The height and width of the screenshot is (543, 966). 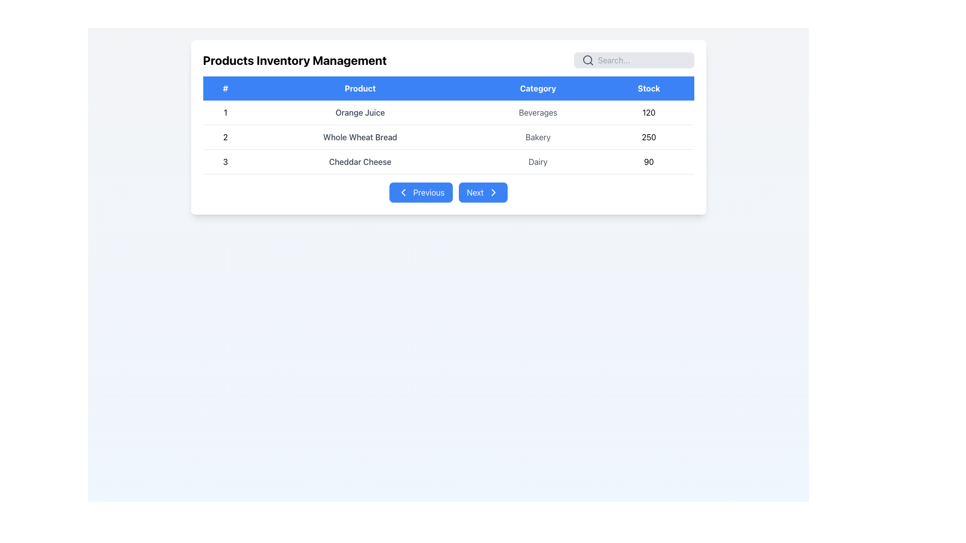 I want to click on the Text Label that displays the product name in the second column of the second row of the inventory table, positioned between the quantity '2' and the category 'Bakery', so click(x=360, y=137).